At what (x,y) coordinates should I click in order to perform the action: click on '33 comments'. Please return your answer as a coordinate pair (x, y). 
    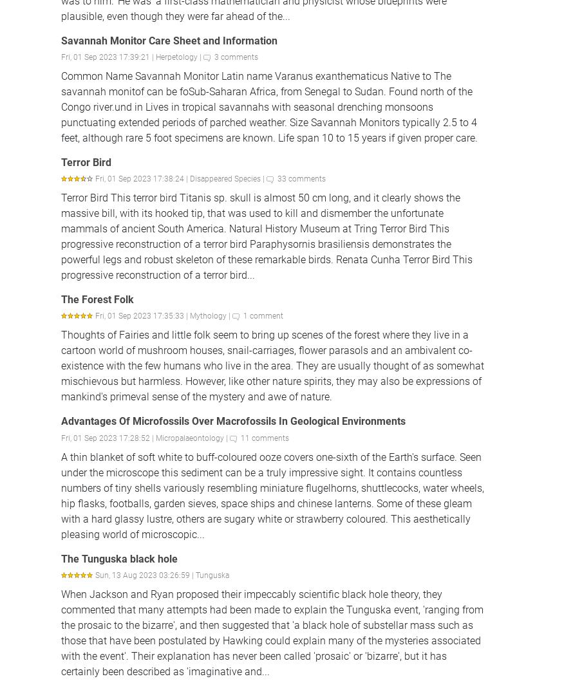
    Looking at the image, I should click on (277, 178).